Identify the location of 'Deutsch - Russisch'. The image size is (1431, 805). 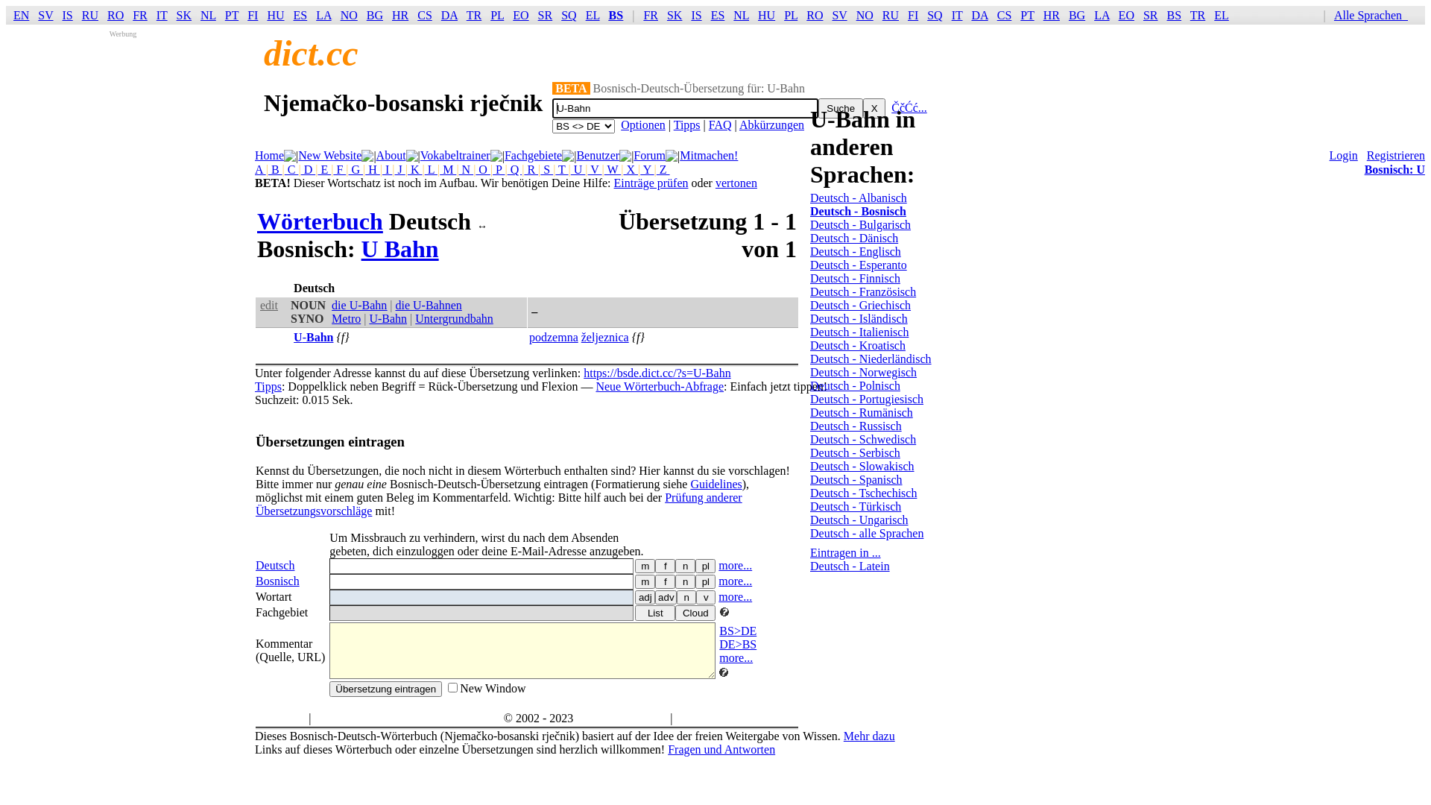
(856, 426).